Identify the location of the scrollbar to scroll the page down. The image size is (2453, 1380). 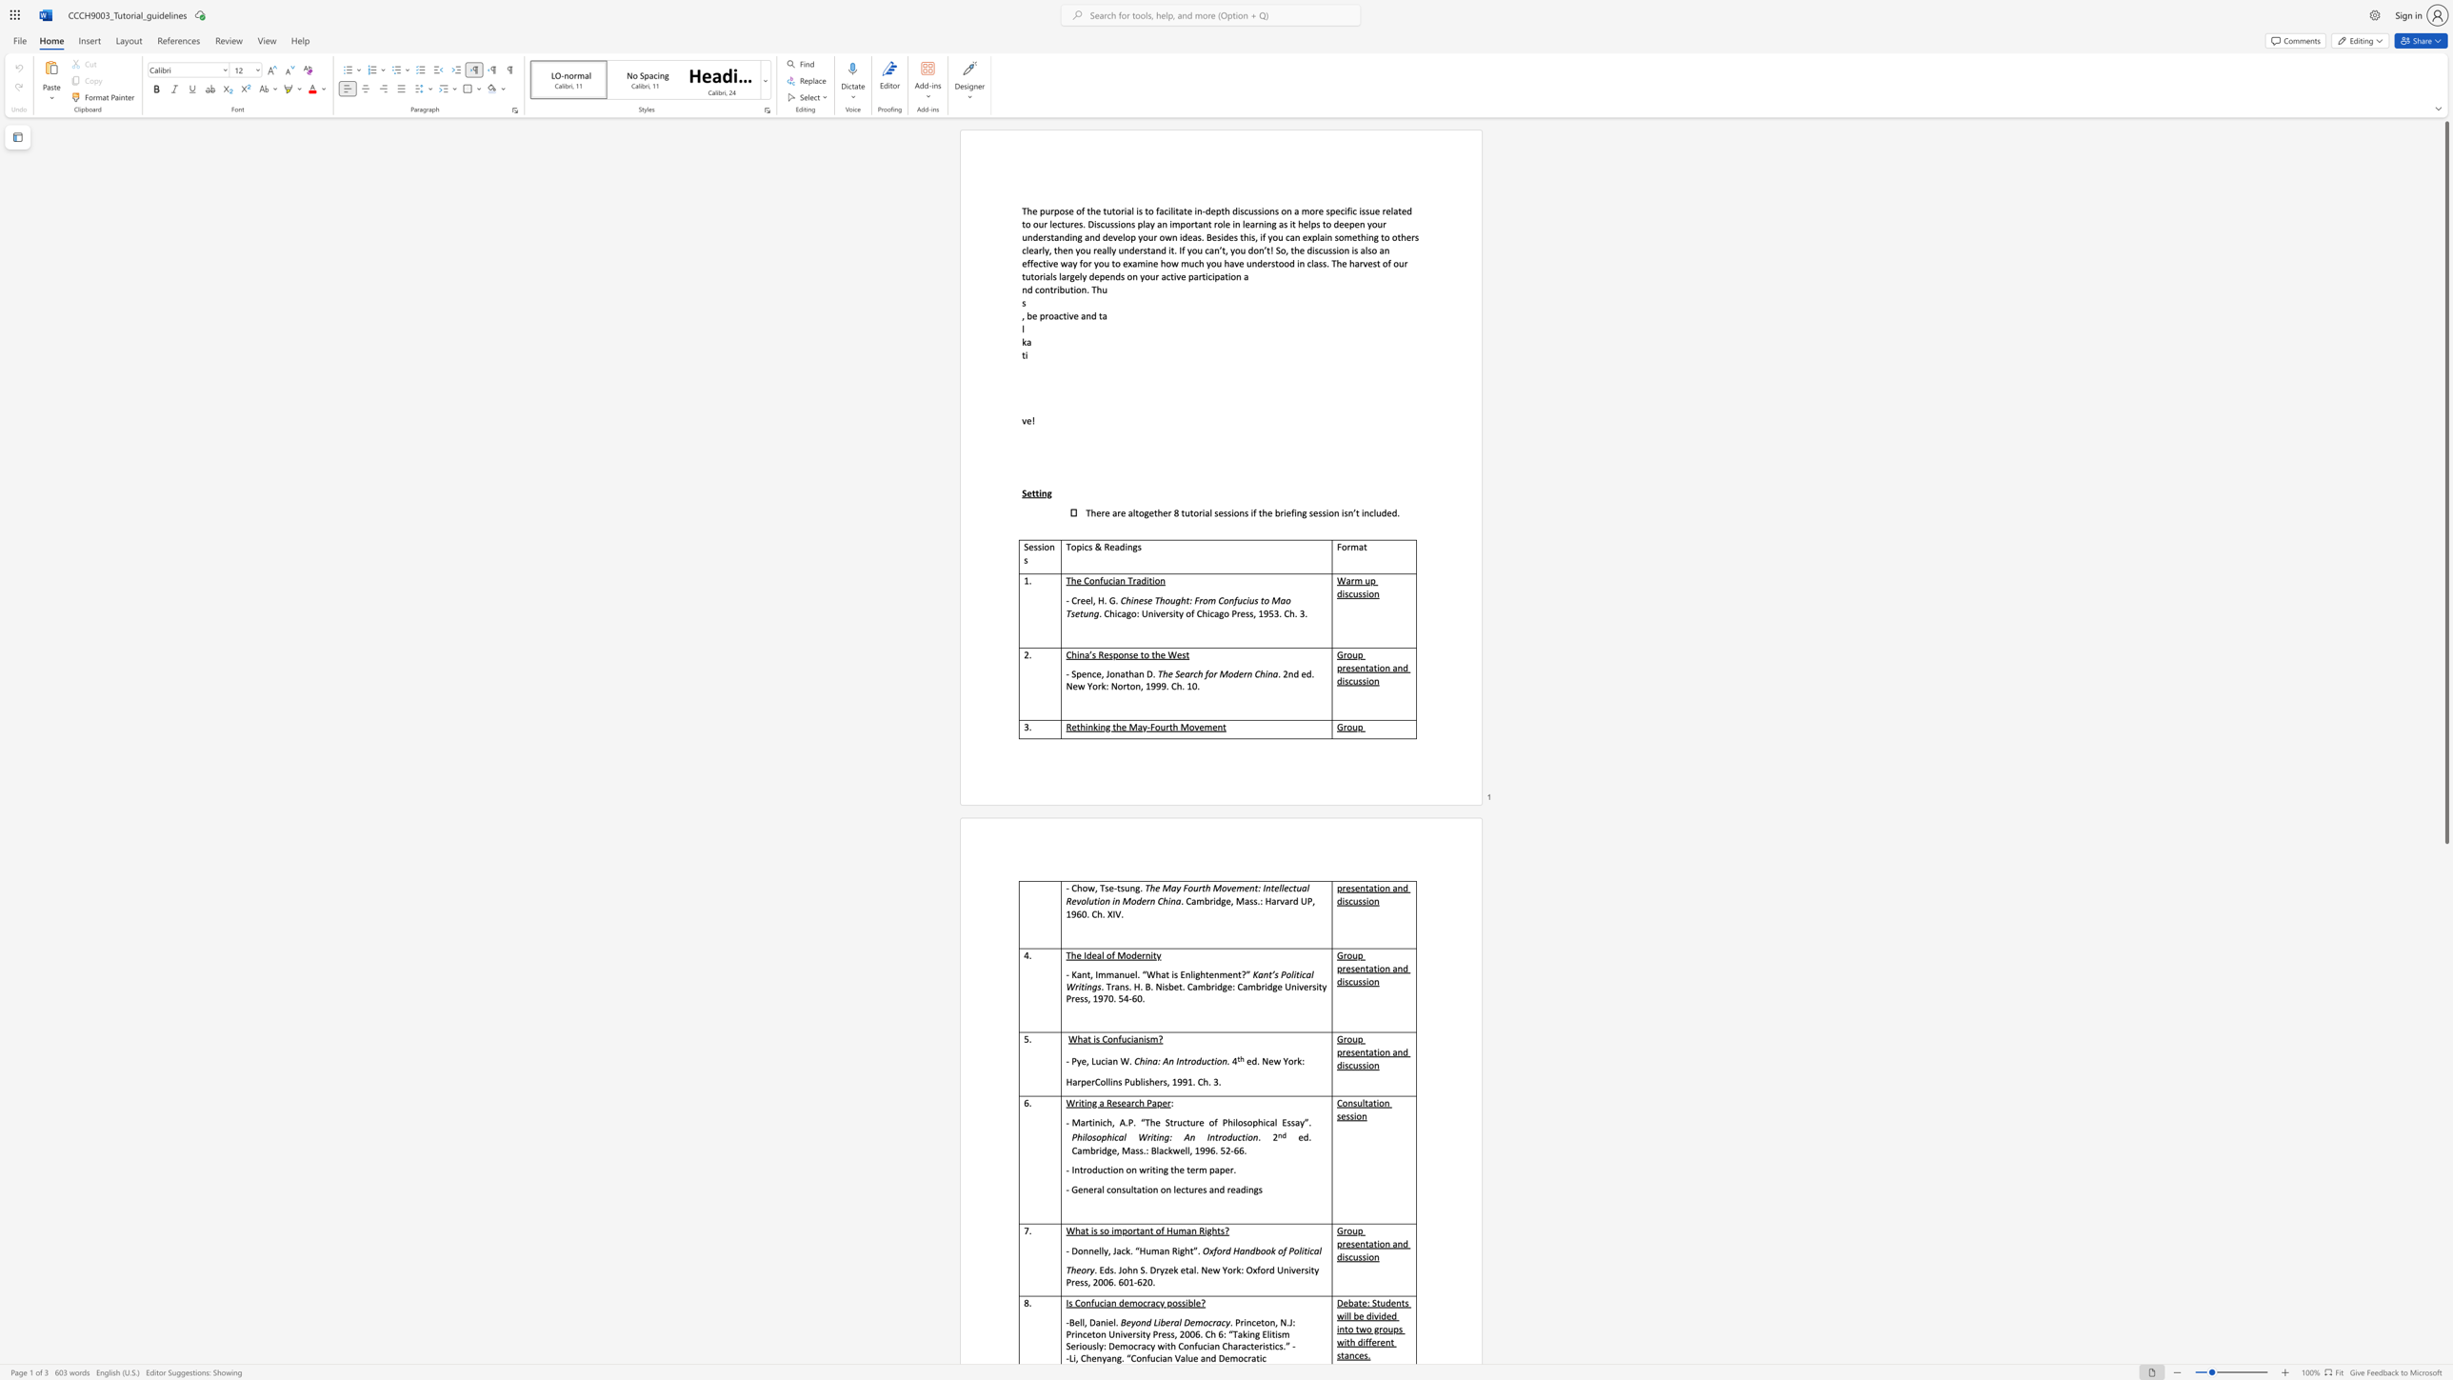
(2445, 970).